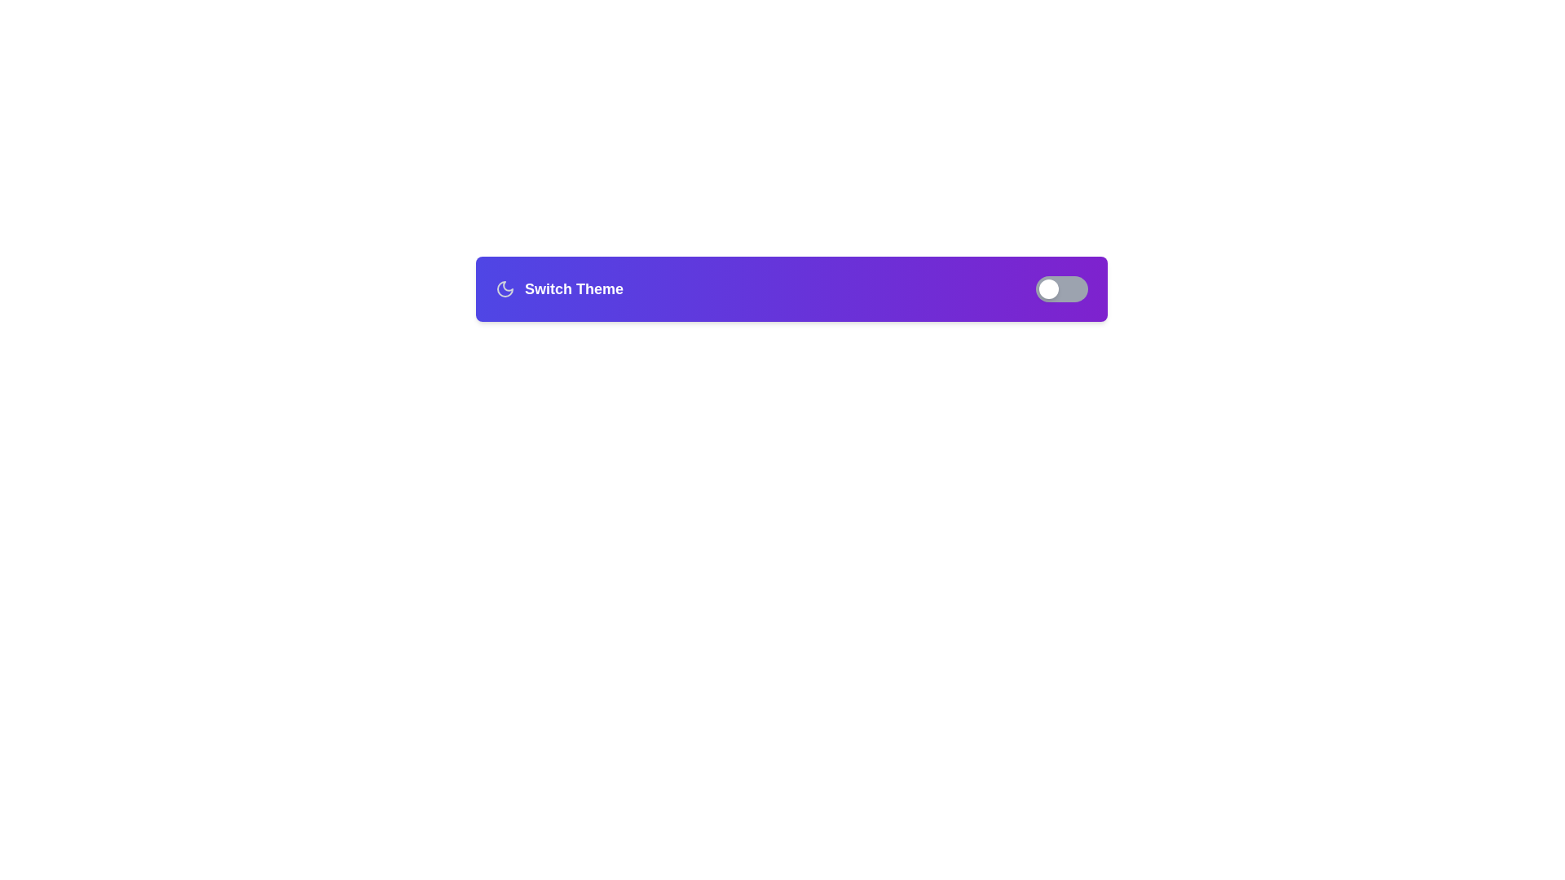  Describe the element at coordinates (504, 288) in the screenshot. I see `the crescent moon icon outlined in light gray` at that location.